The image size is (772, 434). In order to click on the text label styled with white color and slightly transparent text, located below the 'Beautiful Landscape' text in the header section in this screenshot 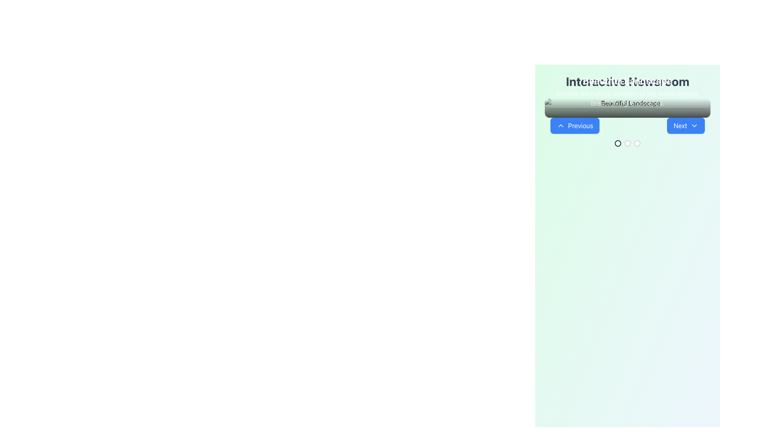, I will do `click(627, 98)`.